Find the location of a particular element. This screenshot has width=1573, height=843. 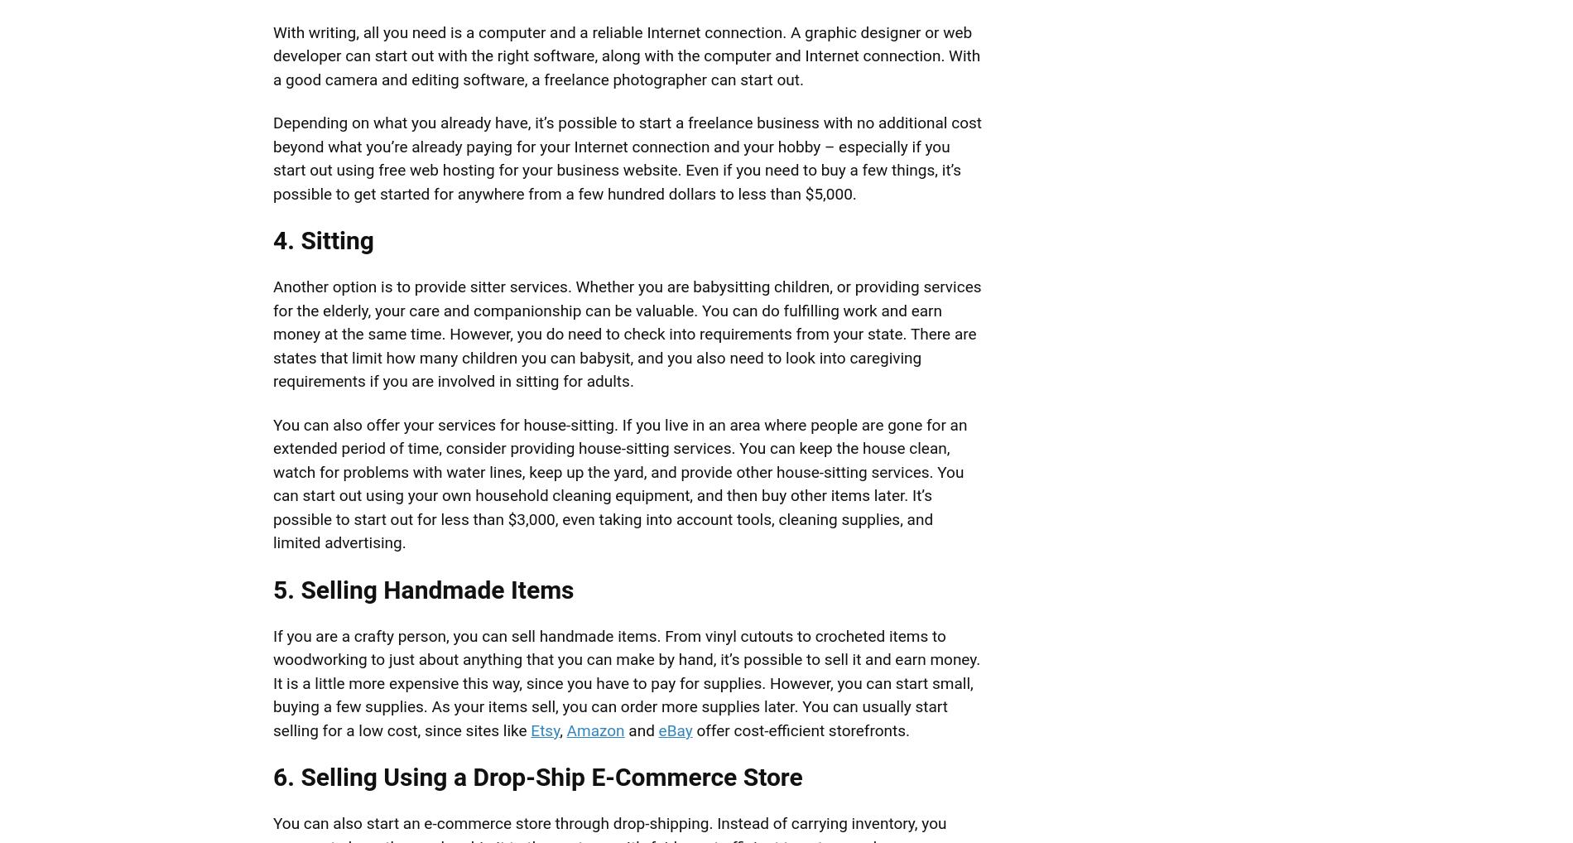

'Depending on what you already have, it’s possible to start a freelance business with no additional cost beyond what you’re already paying for your Internet connection and your hobby – especially if you start out using free web hosting for your business website. Even if you need to buy a few things, it’s possible to get started for anywhere from a few hundred dollars to less than $5,000.' is located at coordinates (626, 157).